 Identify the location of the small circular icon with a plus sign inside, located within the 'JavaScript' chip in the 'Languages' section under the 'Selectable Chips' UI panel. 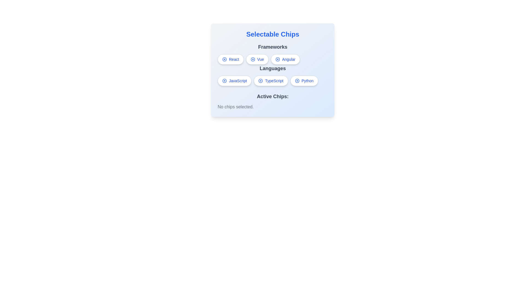
(225, 81).